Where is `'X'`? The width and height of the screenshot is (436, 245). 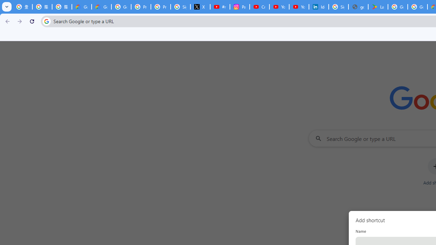
'X' is located at coordinates (200, 7).